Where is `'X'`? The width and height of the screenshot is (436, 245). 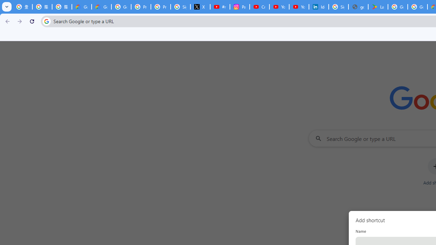
'X' is located at coordinates (200, 7).